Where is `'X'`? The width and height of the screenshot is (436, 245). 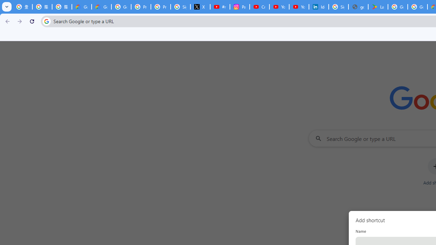
'X' is located at coordinates (200, 7).